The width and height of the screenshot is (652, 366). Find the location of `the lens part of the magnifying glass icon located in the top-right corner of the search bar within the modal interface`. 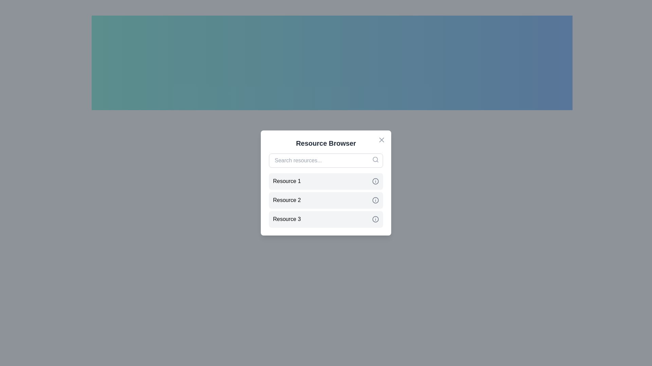

the lens part of the magnifying glass icon located in the top-right corner of the search bar within the modal interface is located at coordinates (375, 159).